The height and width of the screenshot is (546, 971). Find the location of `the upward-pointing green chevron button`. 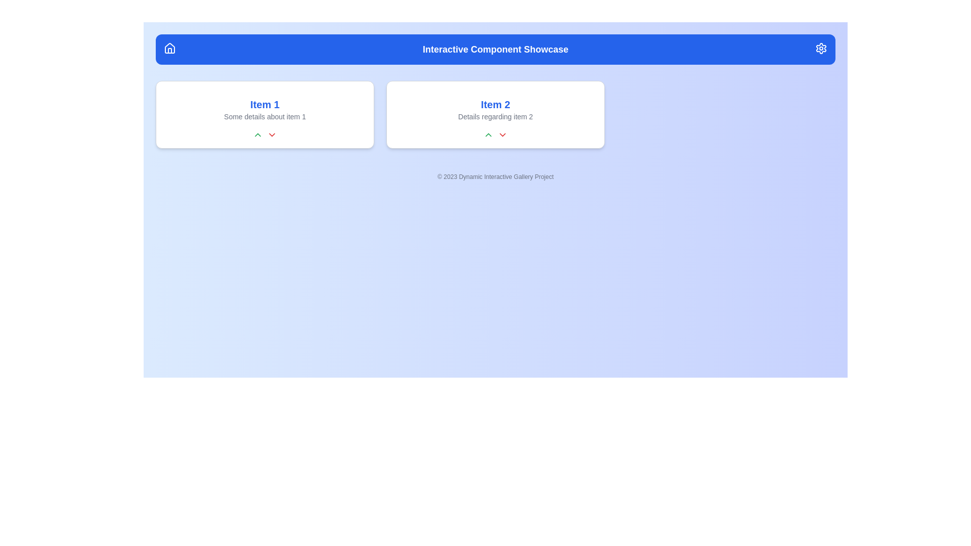

the upward-pointing green chevron button is located at coordinates (495, 134).